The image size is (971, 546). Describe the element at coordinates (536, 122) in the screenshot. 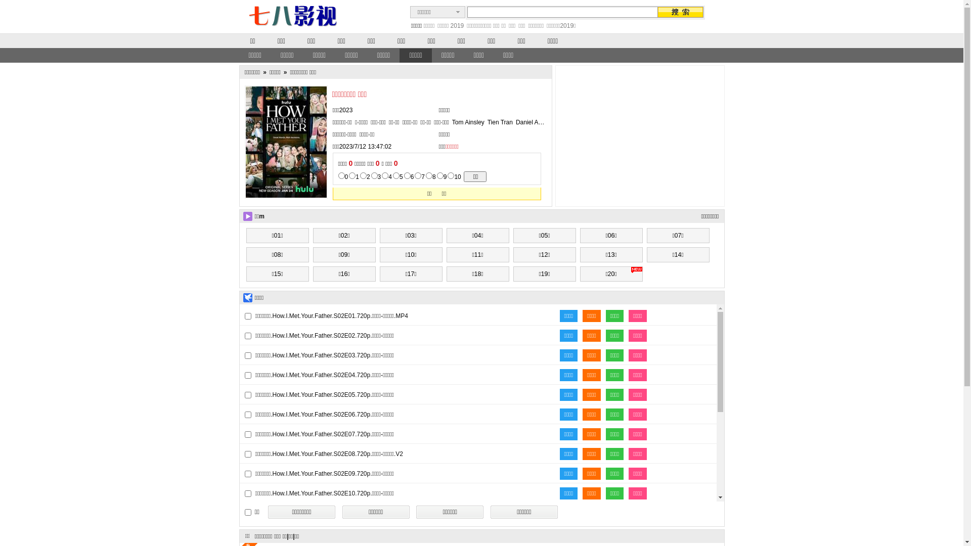

I see `'Daniel Augustin'` at that location.